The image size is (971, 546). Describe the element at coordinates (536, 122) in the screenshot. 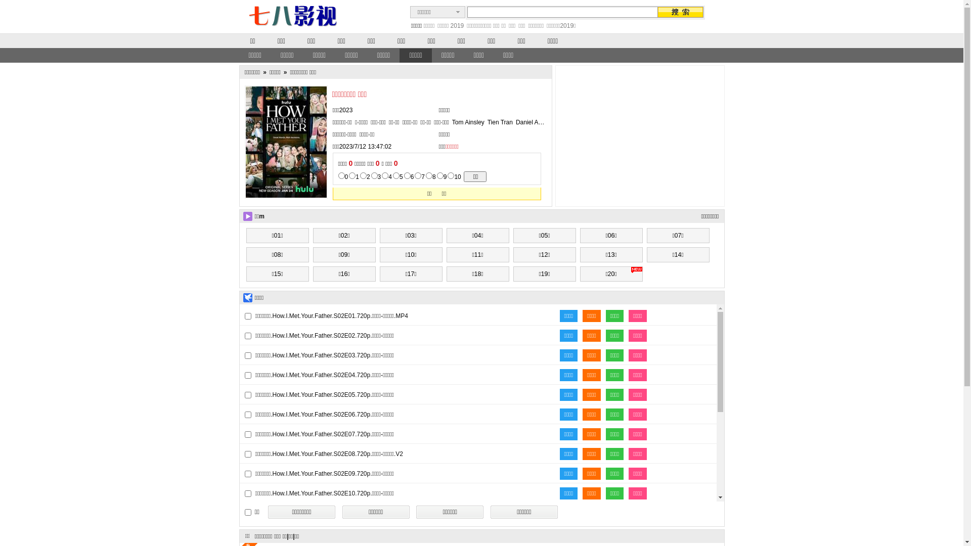

I see `'Daniel Augustin'` at that location.